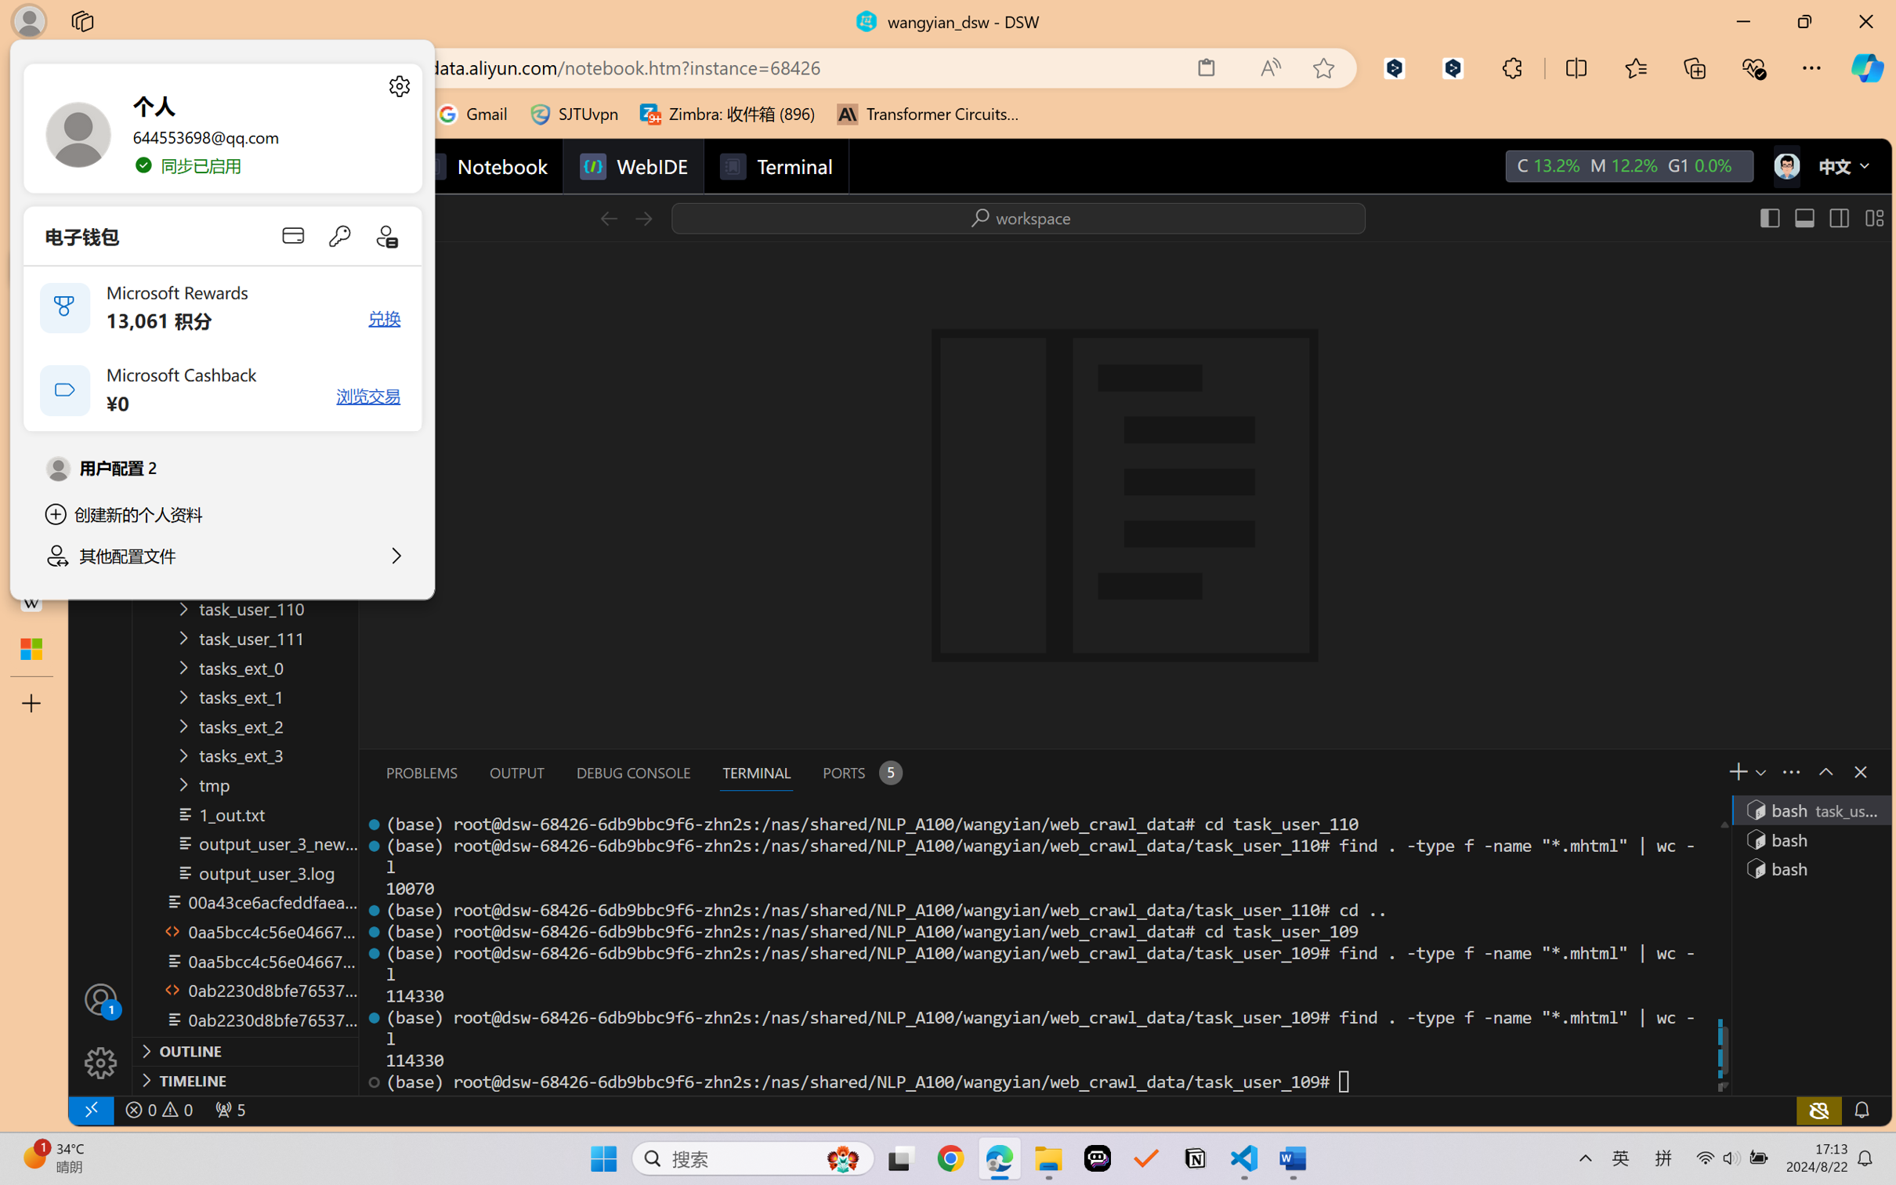  What do you see at coordinates (1809, 839) in the screenshot?
I see `'Terminal 2 bash'` at bounding box center [1809, 839].